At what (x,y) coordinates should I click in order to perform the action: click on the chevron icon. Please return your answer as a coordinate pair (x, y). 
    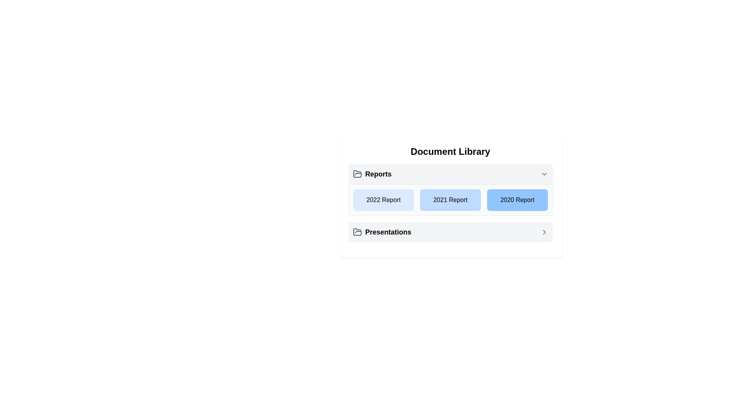
    Looking at the image, I should click on (544, 174).